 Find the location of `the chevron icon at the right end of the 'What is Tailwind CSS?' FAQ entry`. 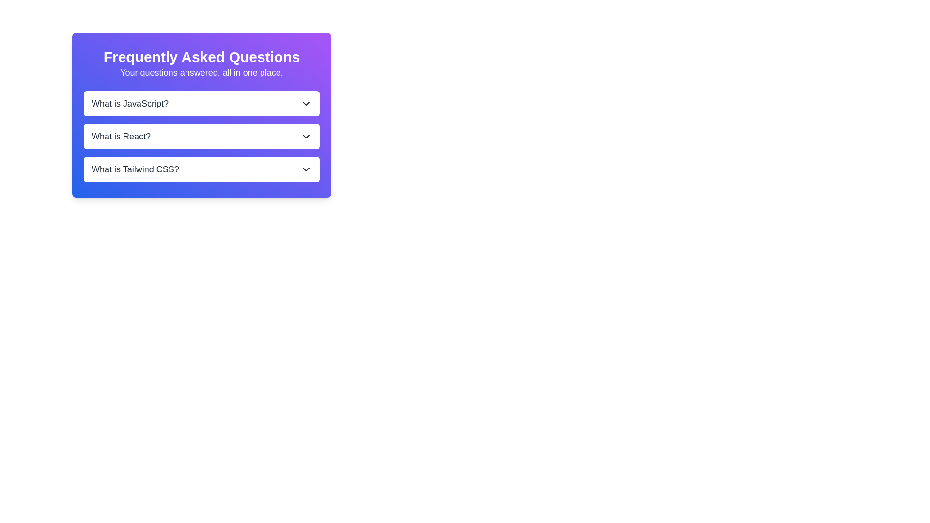

the chevron icon at the right end of the 'What is Tailwind CSS?' FAQ entry is located at coordinates (306, 169).